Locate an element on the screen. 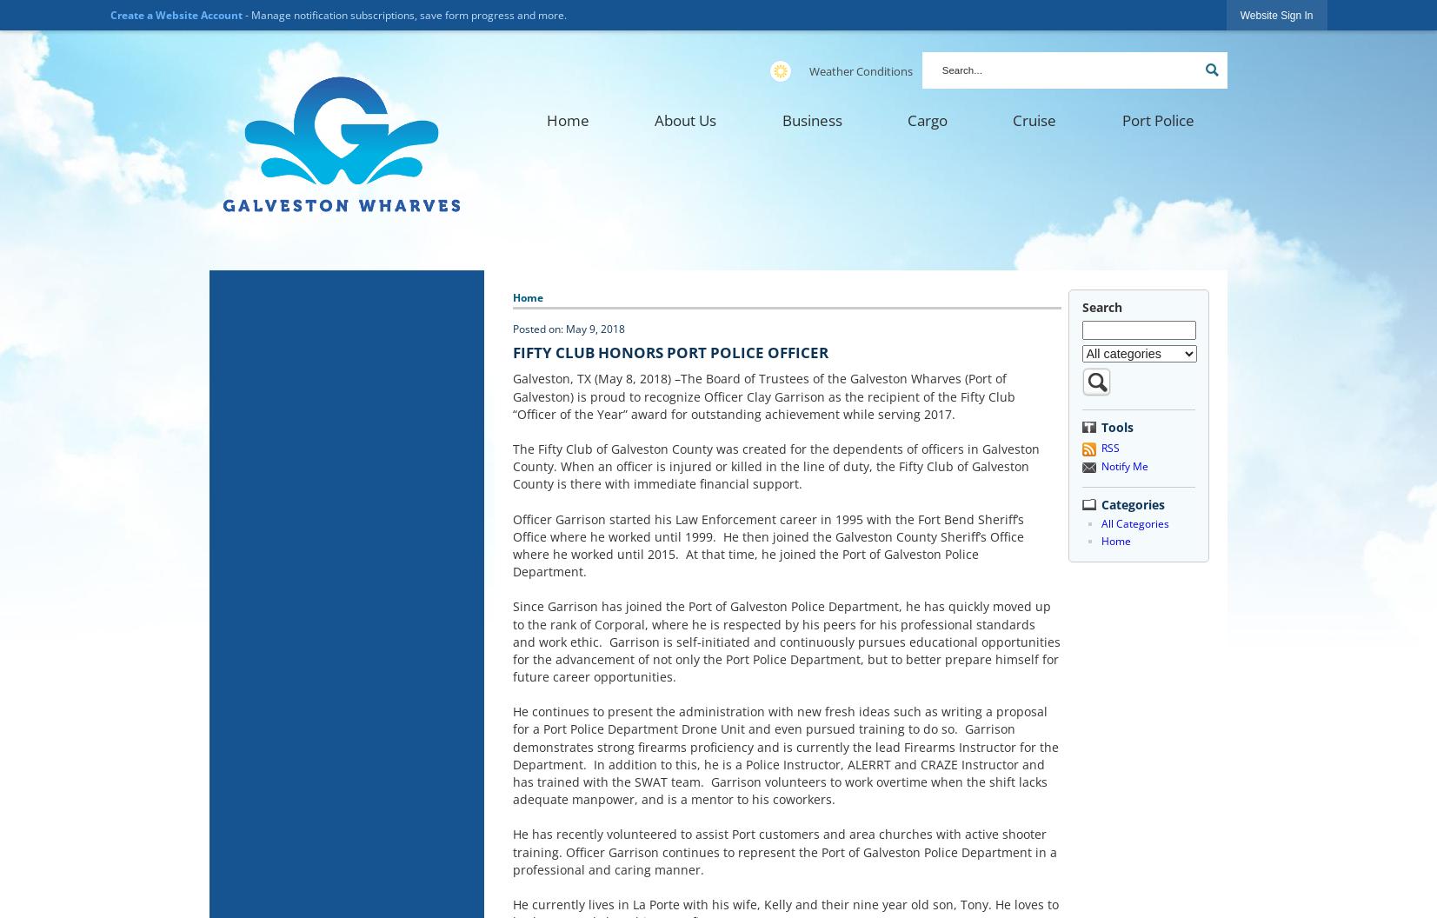 This screenshot has width=1437, height=918. 'RSS' is located at coordinates (1101, 447).